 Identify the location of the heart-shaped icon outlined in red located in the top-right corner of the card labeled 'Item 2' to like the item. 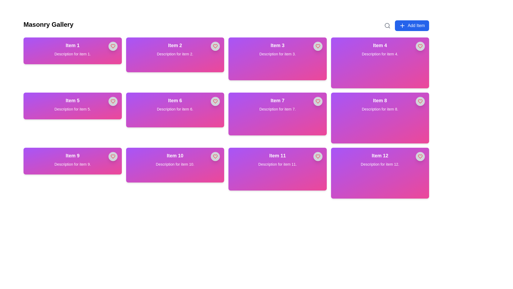
(215, 46).